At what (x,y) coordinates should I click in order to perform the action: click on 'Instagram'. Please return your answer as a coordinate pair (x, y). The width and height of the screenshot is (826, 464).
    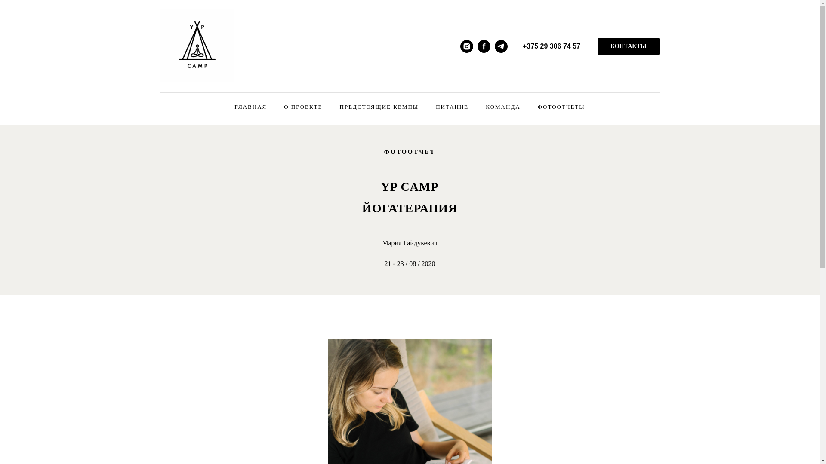
    Looking at the image, I should click on (460, 46).